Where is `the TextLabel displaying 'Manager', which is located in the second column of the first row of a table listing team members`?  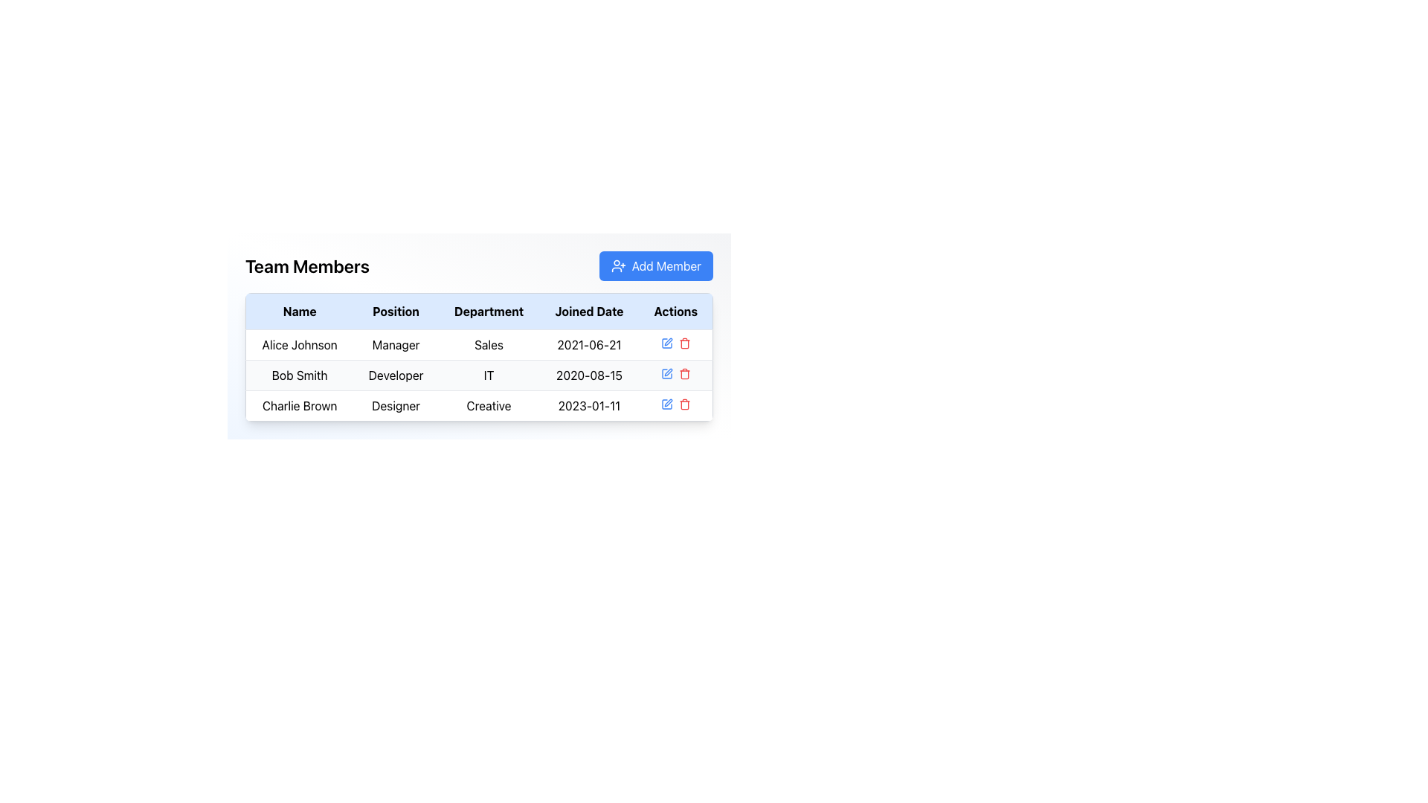 the TextLabel displaying 'Manager', which is located in the second column of the first row of a table listing team members is located at coordinates (396, 344).